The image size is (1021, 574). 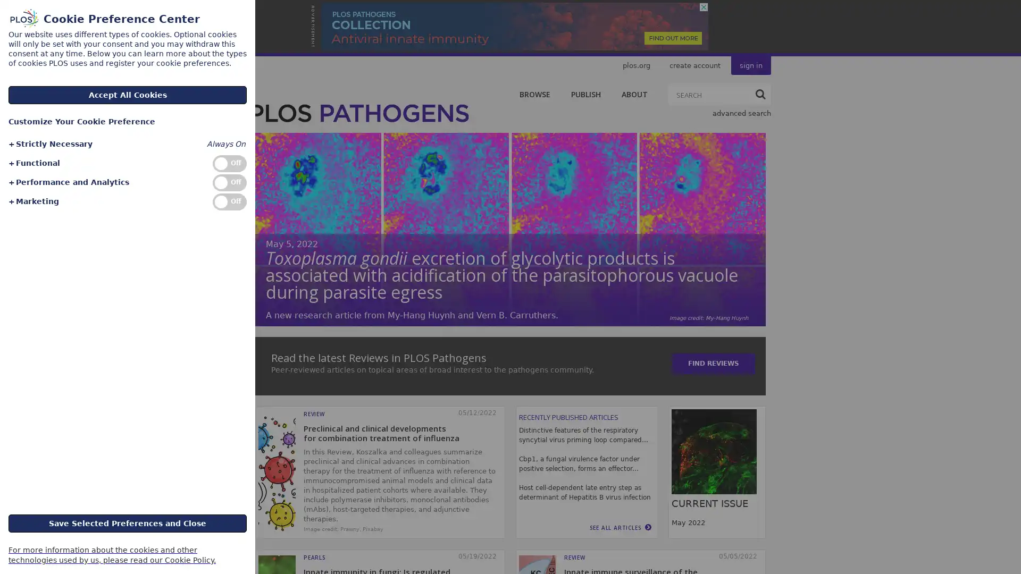 What do you see at coordinates (760, 94) in the screenshot?
I see `Submit search` at bounding box center [760, 94].